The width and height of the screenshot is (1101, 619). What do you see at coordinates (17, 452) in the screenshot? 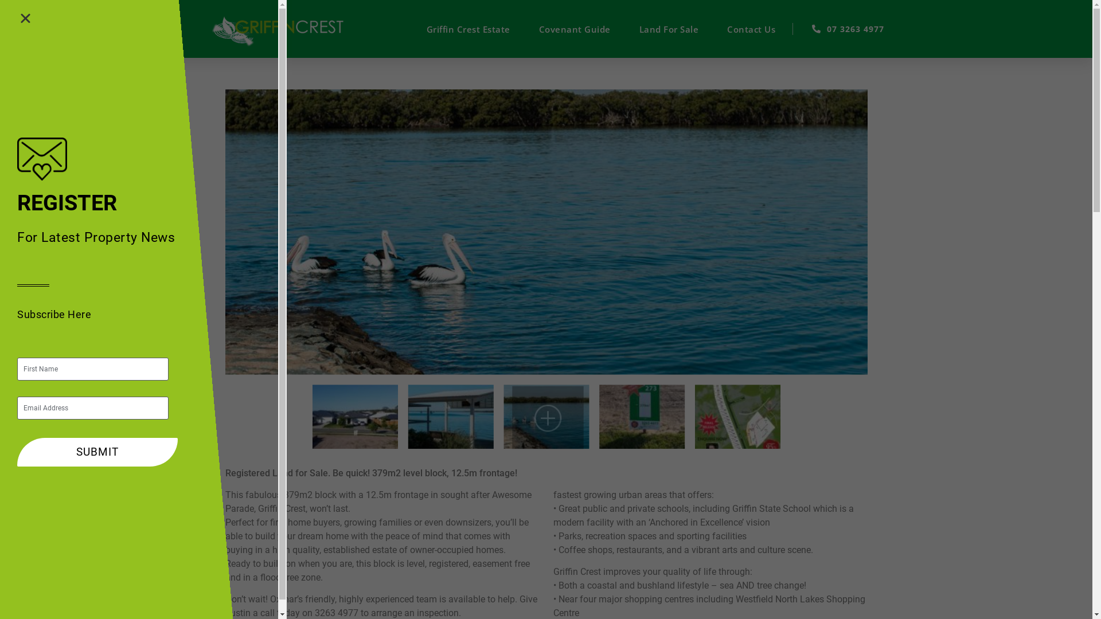
I see `'Submit'` at bounding box center [17, 452].